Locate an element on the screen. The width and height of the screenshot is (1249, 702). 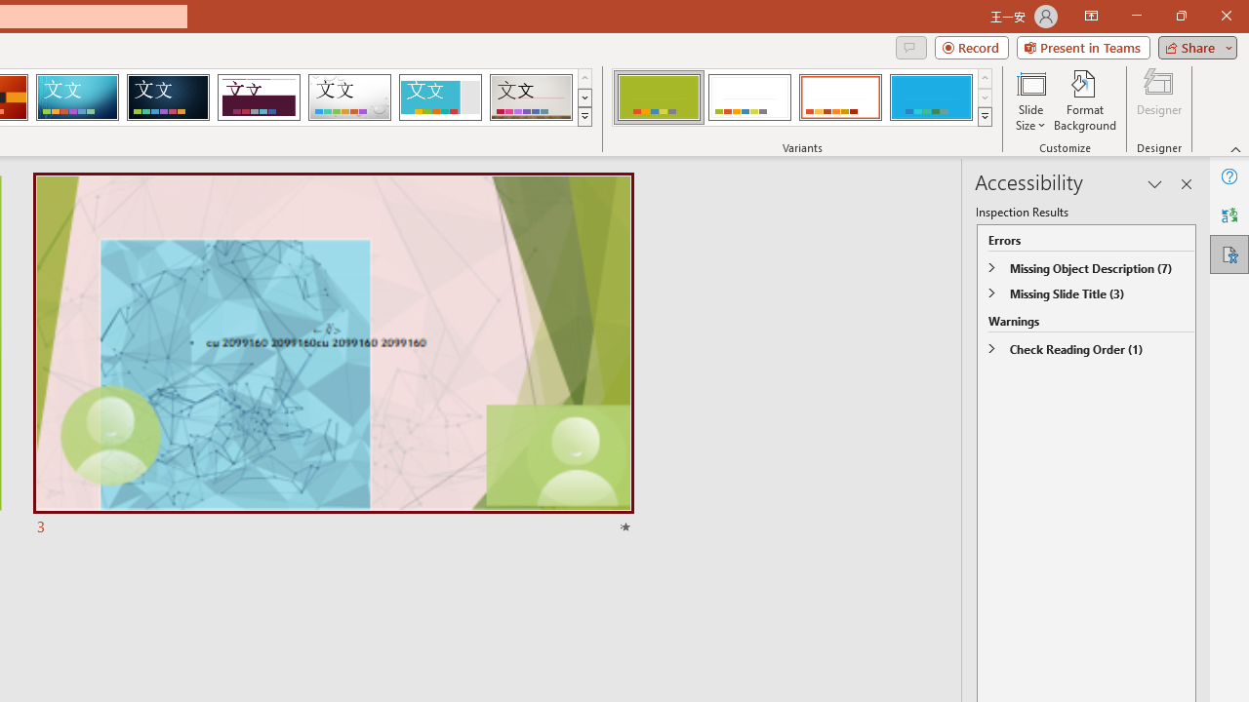
'Gallery' is located at coordinates (531, 97).